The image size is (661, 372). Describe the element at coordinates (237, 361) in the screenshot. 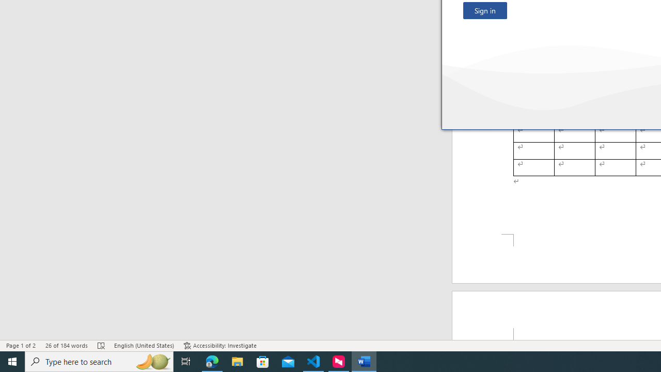

I see `'File Explorer'` at that location.